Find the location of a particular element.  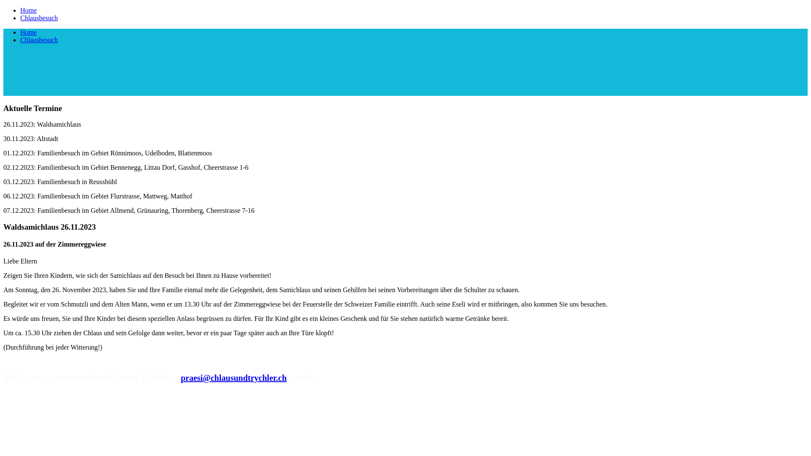

'praesi@chlausundtrychler.ch' is located at coordinates (234, 377).